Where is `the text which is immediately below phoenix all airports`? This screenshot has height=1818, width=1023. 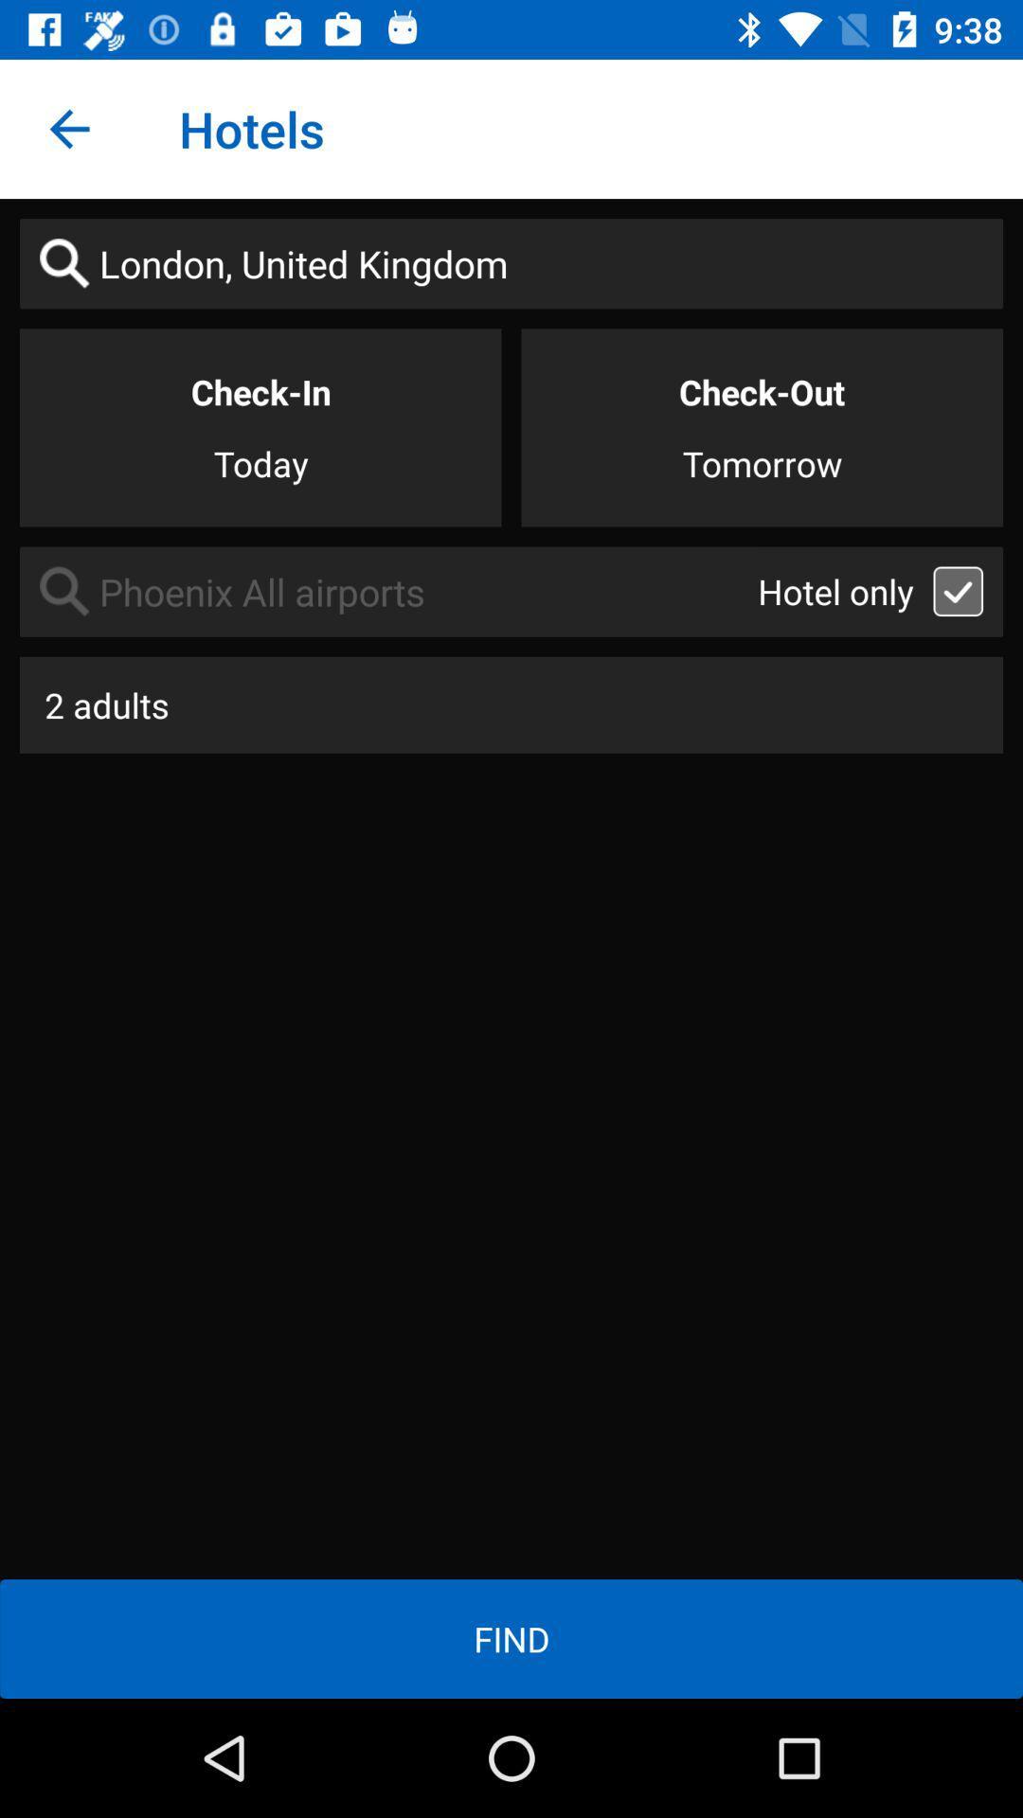
the text which is immediately below phoenix all airports is located at coordinates (511, 704).